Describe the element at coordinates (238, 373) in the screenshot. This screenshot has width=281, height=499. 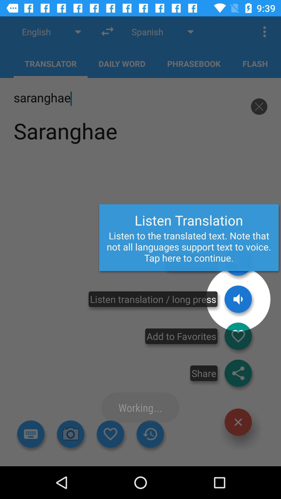
I see `the share icon` at that location.